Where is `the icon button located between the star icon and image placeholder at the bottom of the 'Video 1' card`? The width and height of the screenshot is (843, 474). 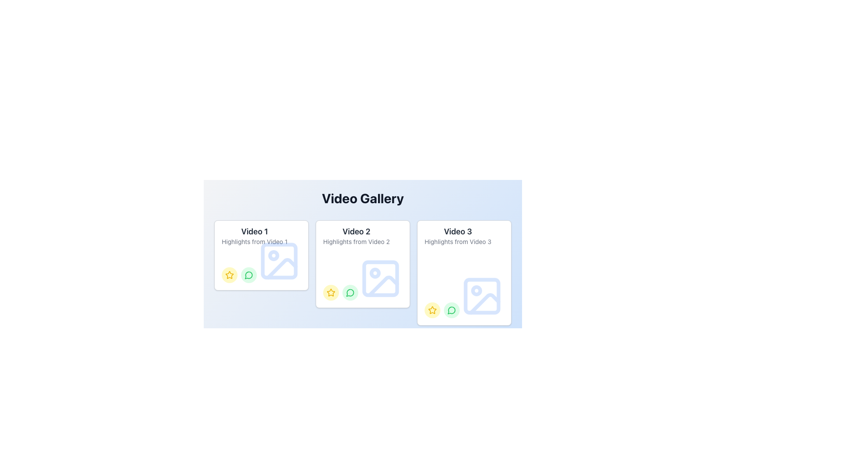
the icon button located between the star icon and image placeholder at the bottom of the 'Video 1' card is located at coordinates (248, 275).